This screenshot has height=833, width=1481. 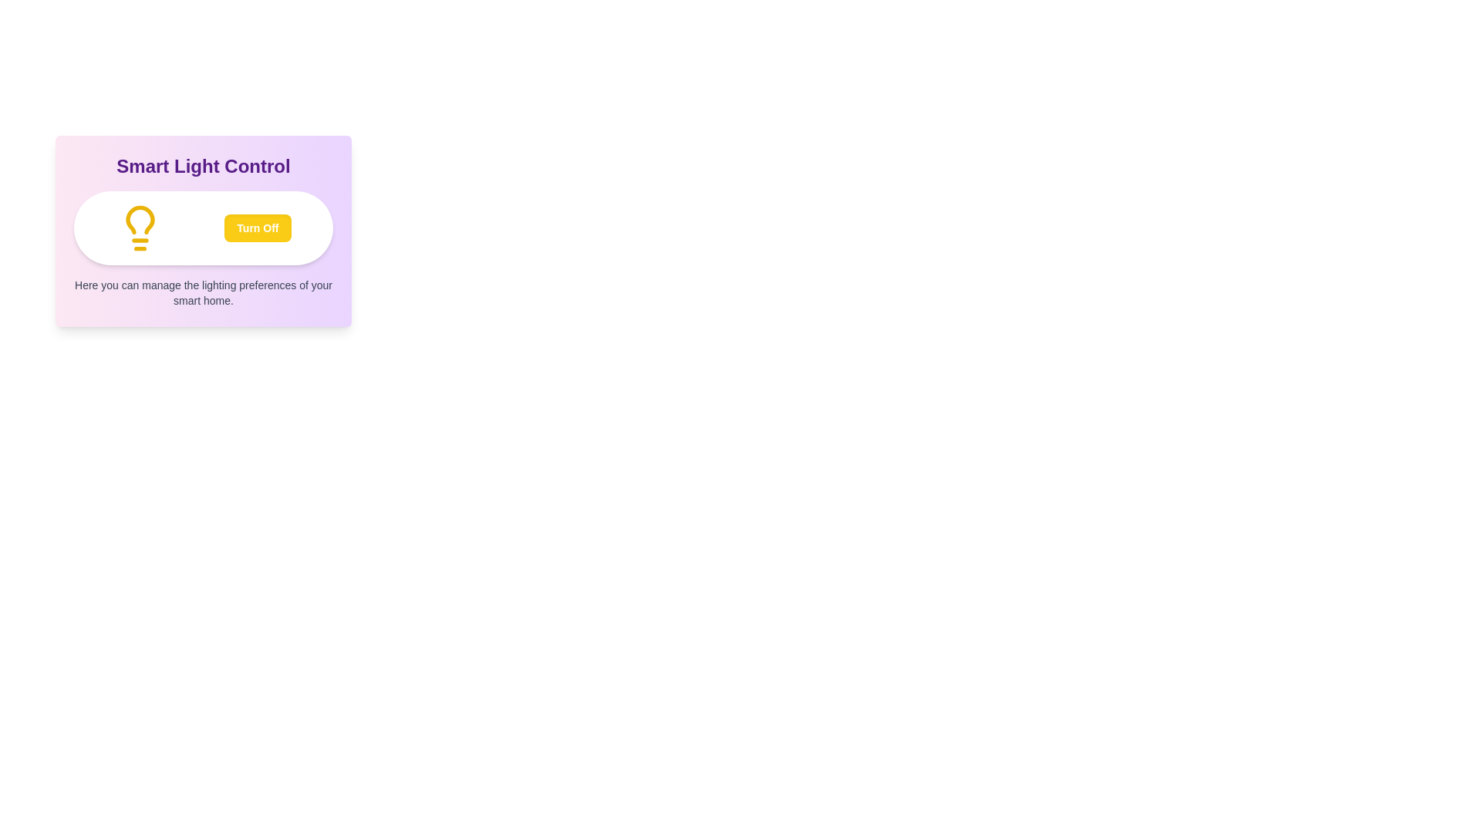 What do you see at coordinates (203, 293) in the screenshot?
I see `the text area containing the instructions and ensure it is visible for reading` at bounding box center [203, 293].